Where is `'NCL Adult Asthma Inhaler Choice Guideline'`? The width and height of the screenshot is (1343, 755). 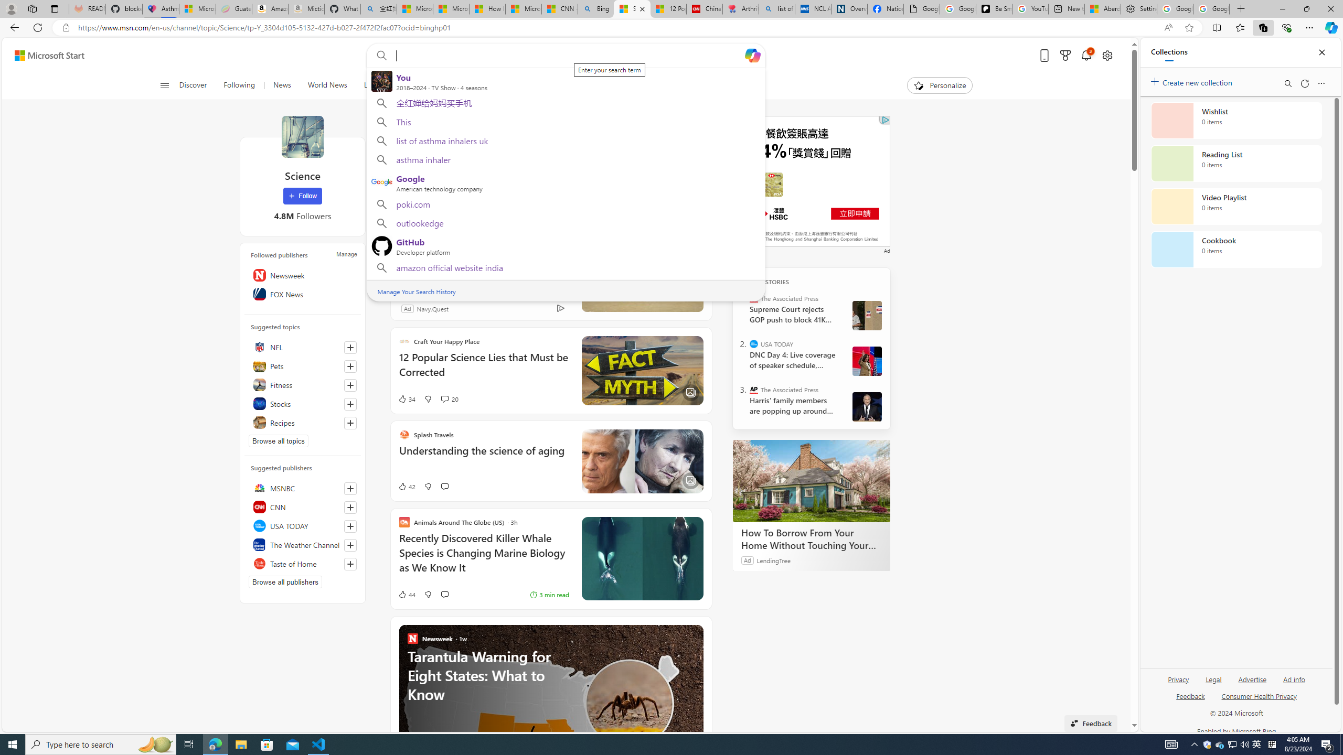
'NCL Adult Asthma Inhaler Choice Guideline' is located at coordinates (813, 8).